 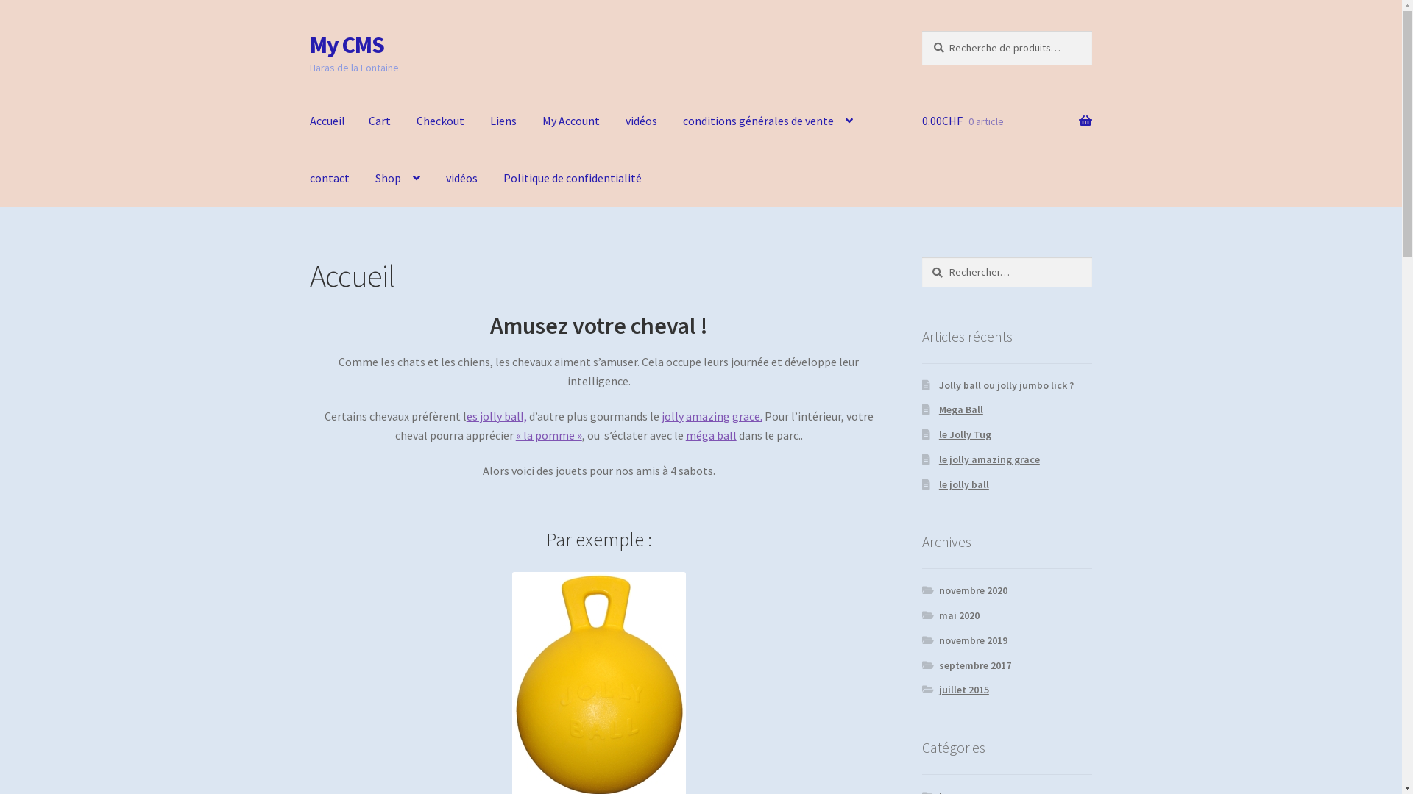 What do you see at coordinates (973, 640) in the screenshot?
I see `'novembre 2019'` at bounding box center [973, 640].